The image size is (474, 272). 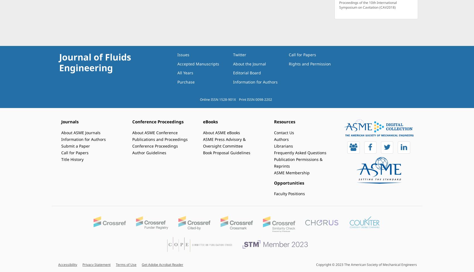 I want to click on 'About ASME Journals', so click(x=81, y=132).